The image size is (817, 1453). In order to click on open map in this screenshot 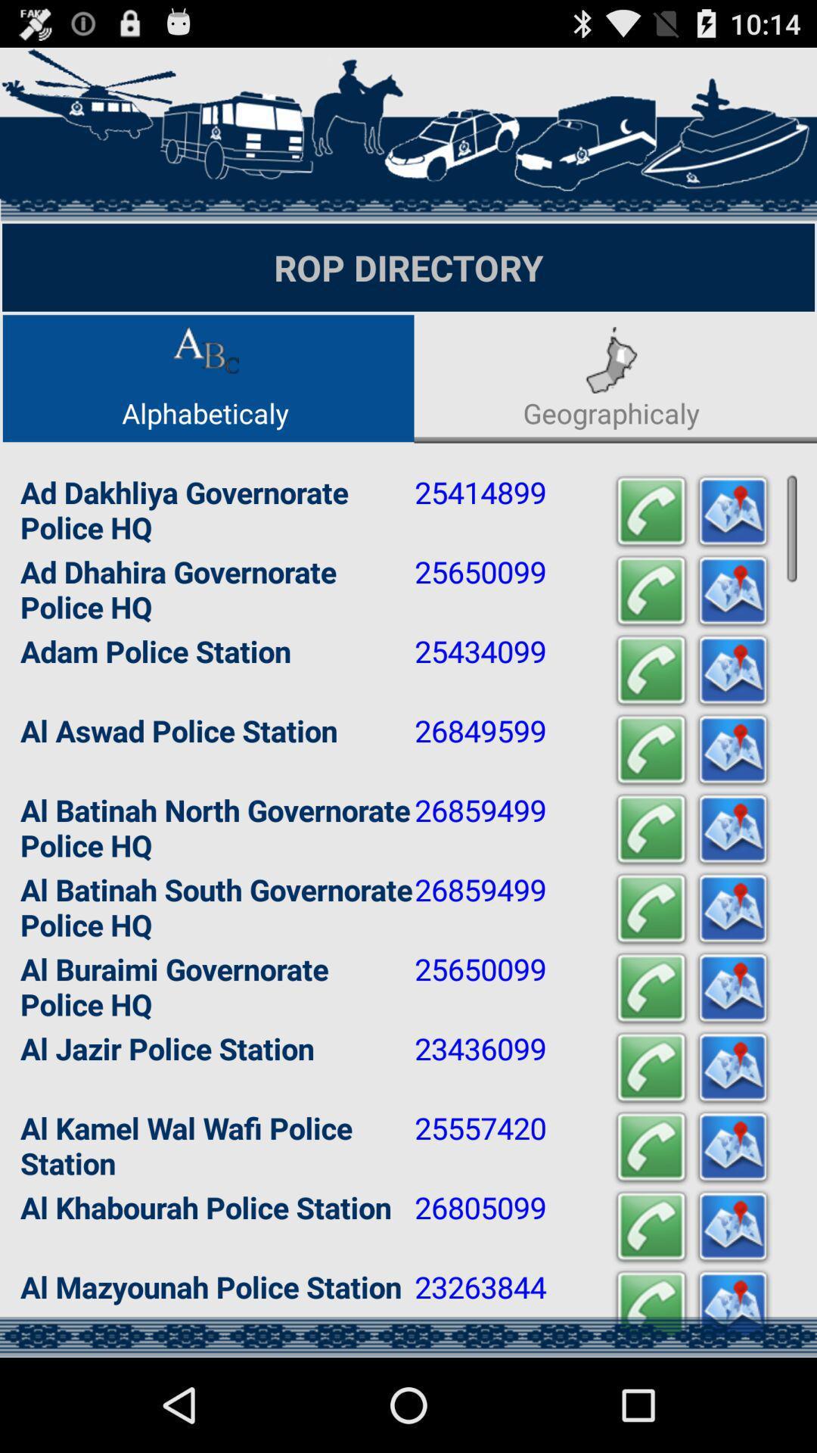, I will do `click(732, 1227)`.